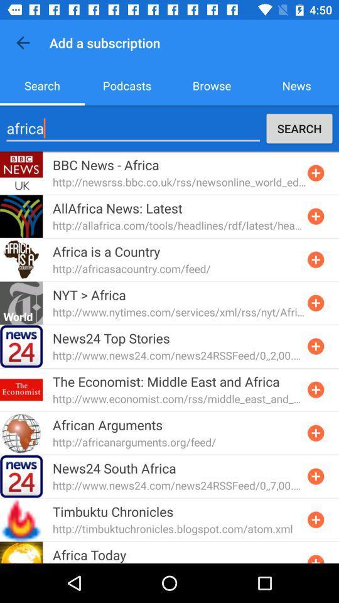 The image size is (339, 603). Describe the element at coordinates (127, 85) in the screenshot. I see `icon next to search icon` at that location.